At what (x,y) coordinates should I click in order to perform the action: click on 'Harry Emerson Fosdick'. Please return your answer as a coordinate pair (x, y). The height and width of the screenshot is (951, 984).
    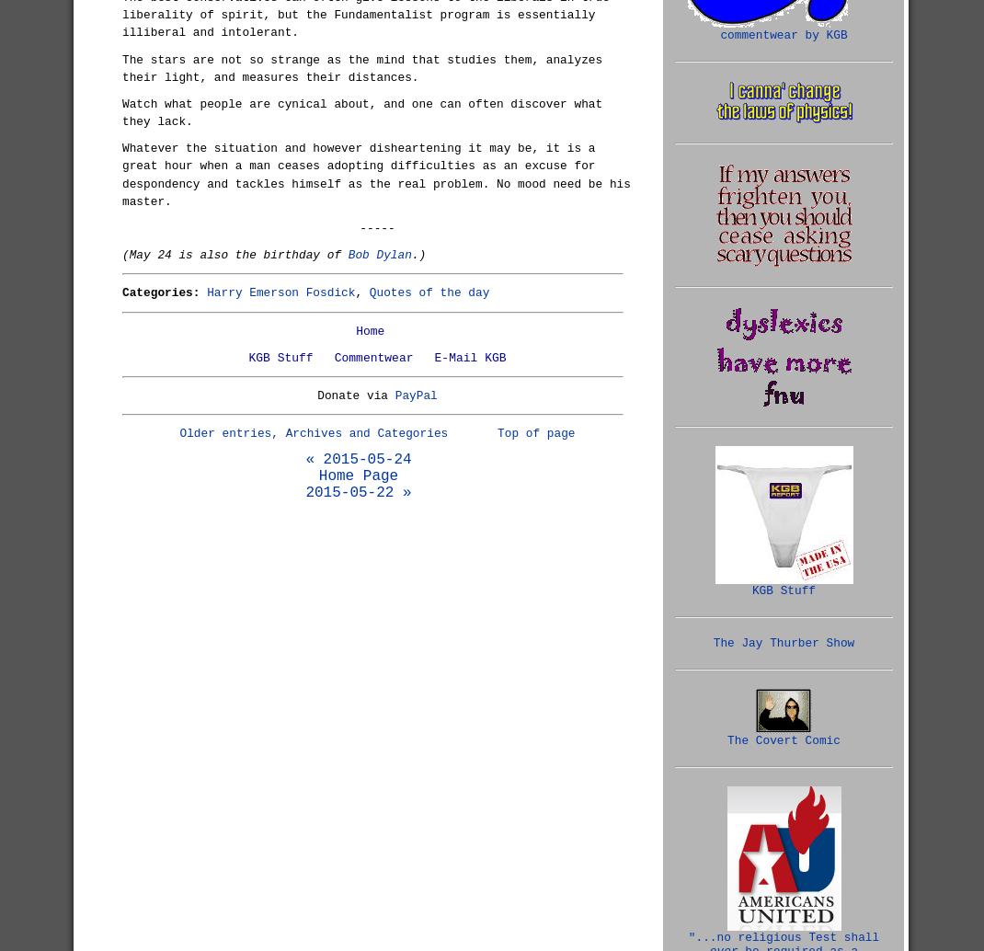
    Looking at the image, I should click on (280, 292).